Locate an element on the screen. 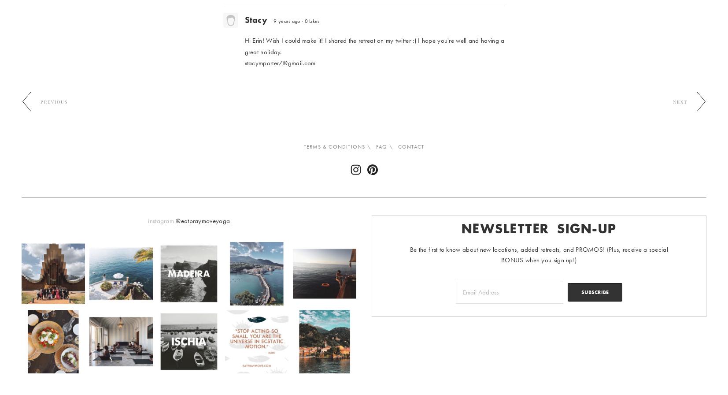 The image size is (728, 395). '9 years ago' is located at coordinates (286, 21).